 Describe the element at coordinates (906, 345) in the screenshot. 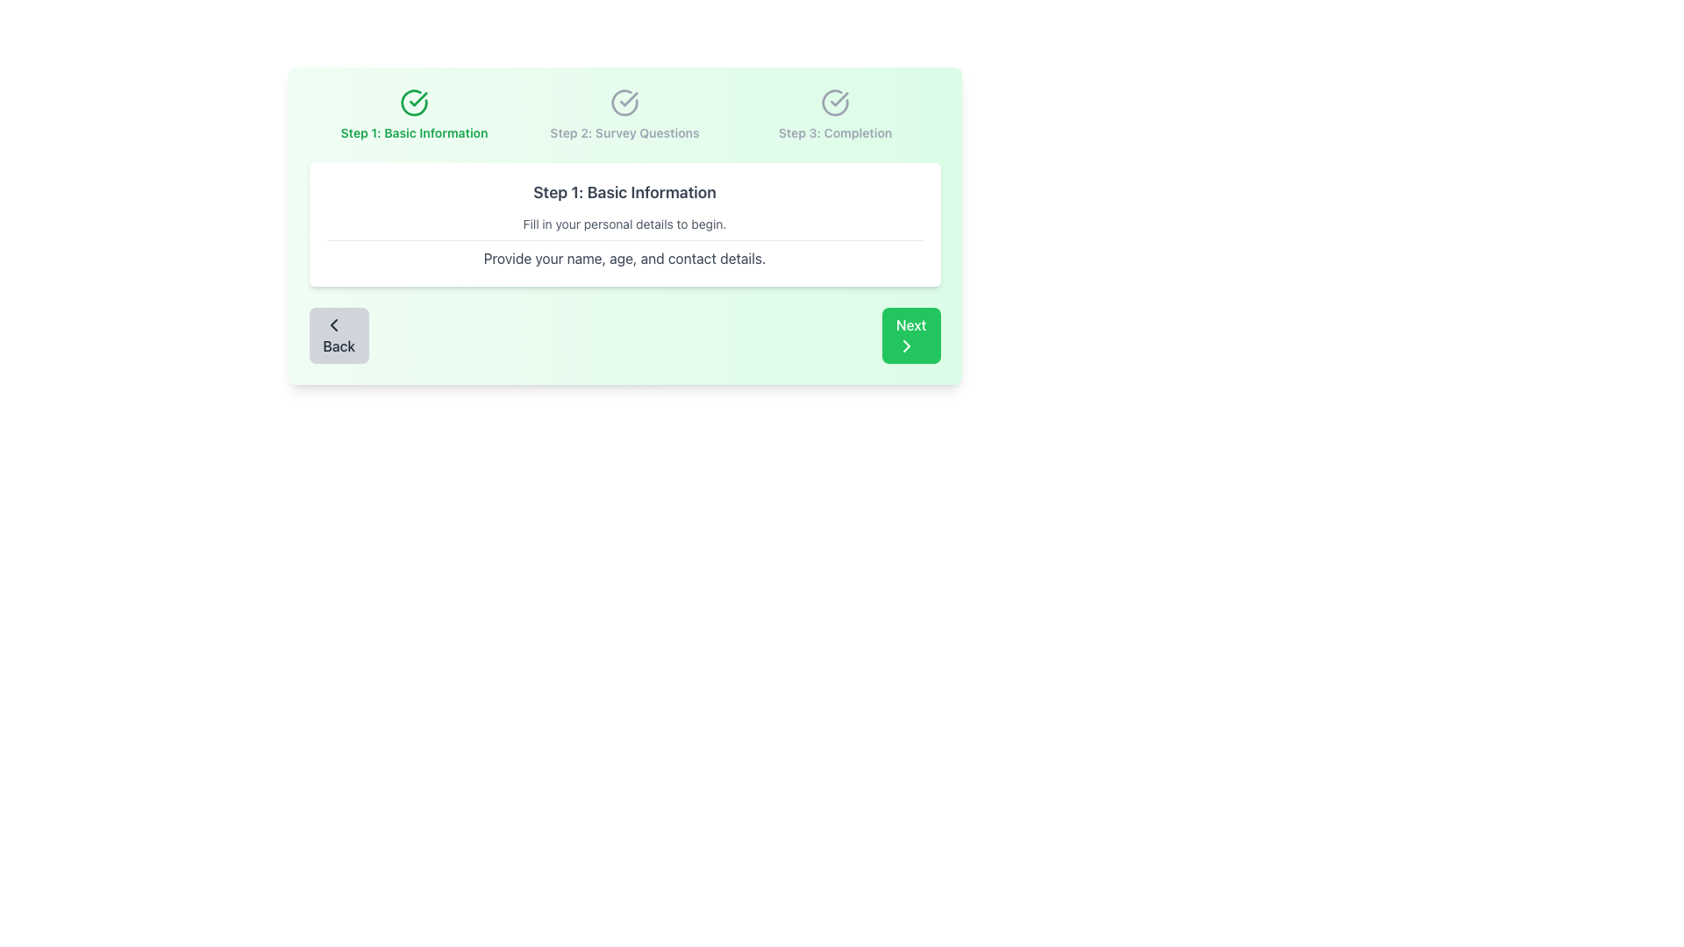

I see `the chevron-right style icon within the 'Next' button located at the bottom-right corner of the green box to proceed to the next step` at that location.